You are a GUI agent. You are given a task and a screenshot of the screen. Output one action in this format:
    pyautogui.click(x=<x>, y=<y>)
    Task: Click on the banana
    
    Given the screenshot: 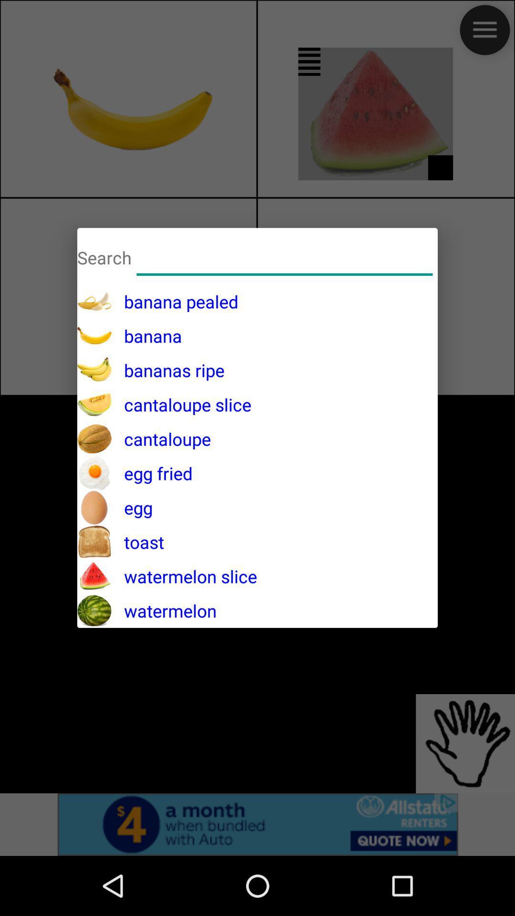 What is the action you would take?
    pyautogui.click(x=284, y=256)
    